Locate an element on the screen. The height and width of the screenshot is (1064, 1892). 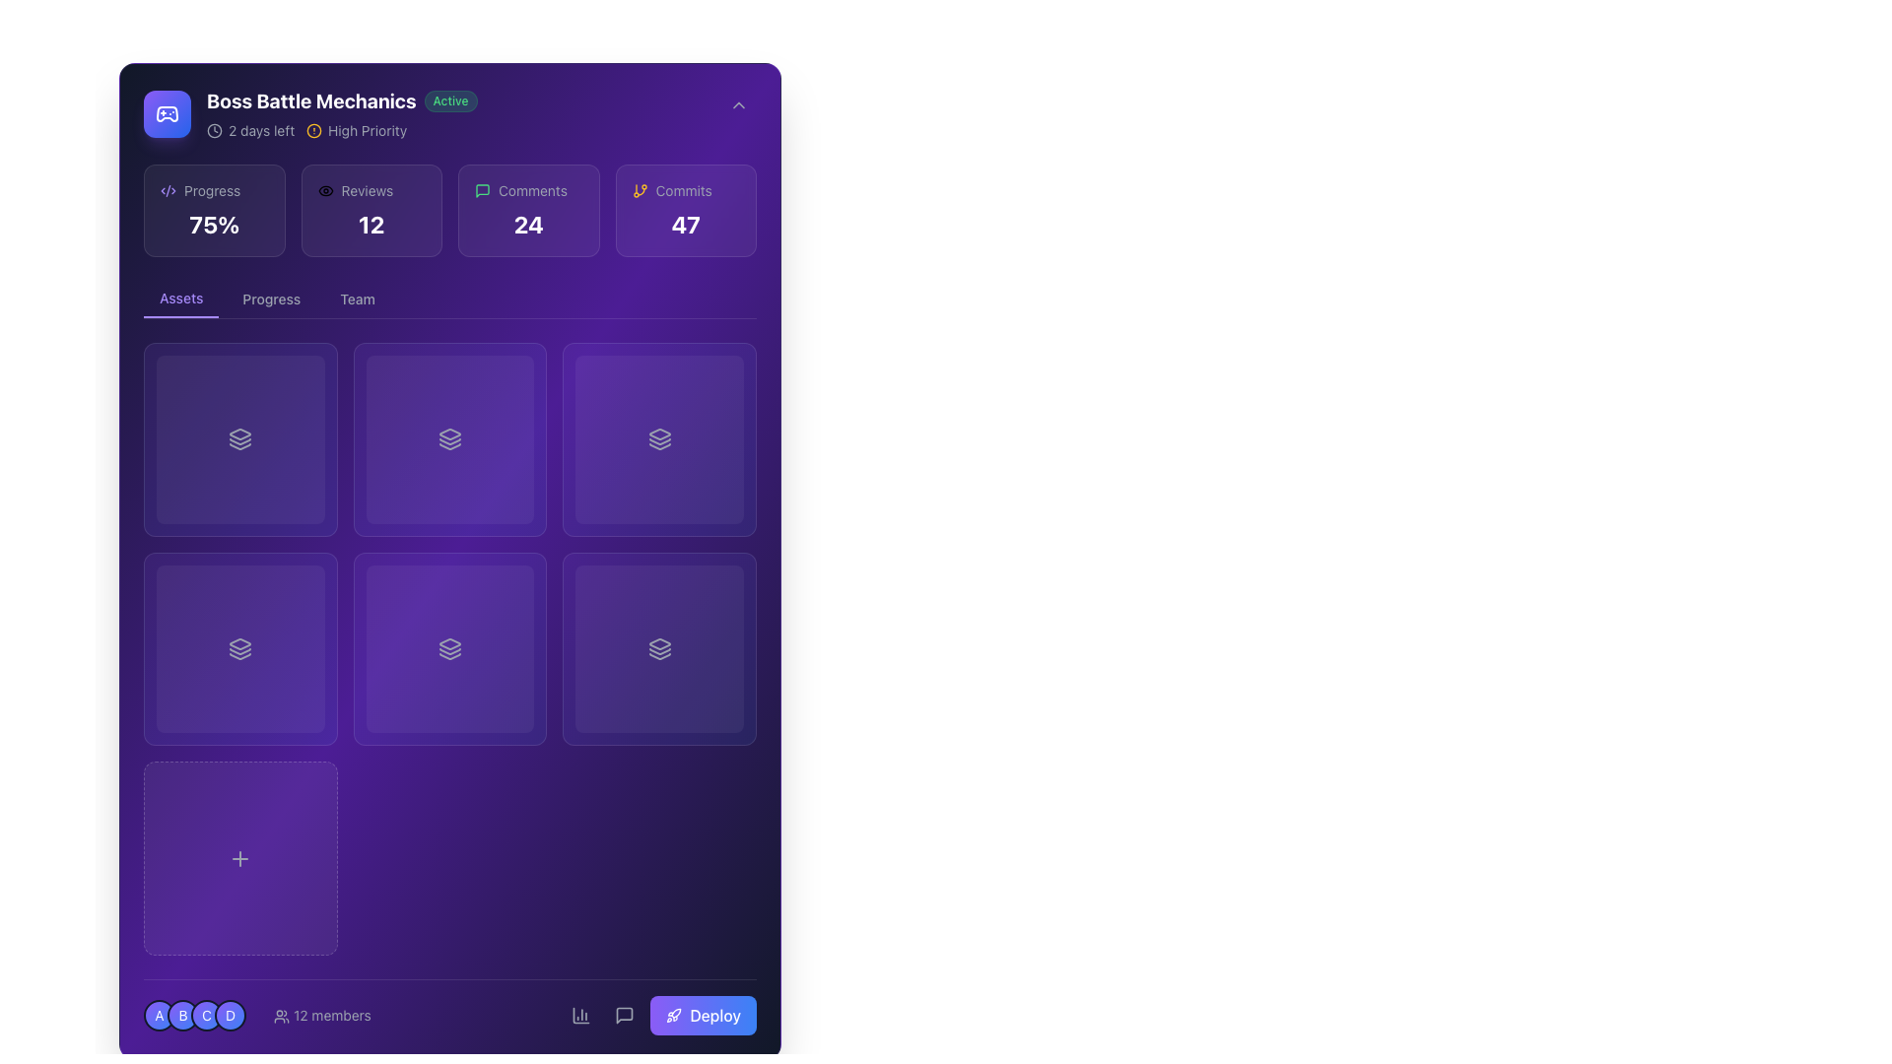
the SVG icon depicting a group of users, which has a white outline on a purple background, located to the left of the '12 members' text in the footer section is located at coordinates (281, 1017).